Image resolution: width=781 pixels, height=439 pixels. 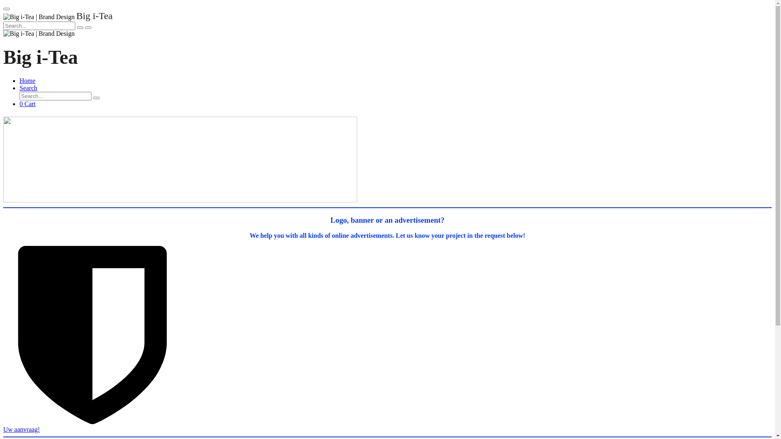 What do you see at coordinates (27, 103) in the screenshot?
I see `'0 Cart'` at bounding box center [27, 103].